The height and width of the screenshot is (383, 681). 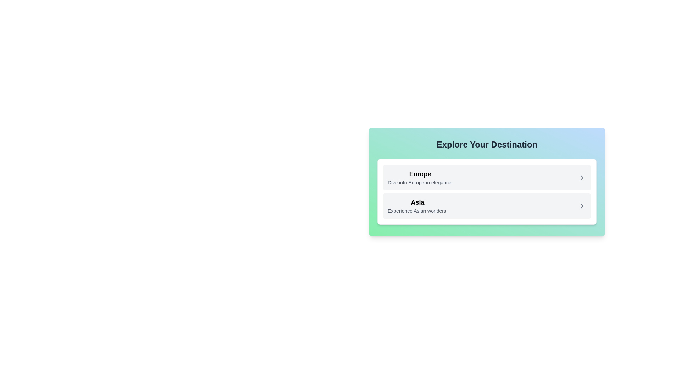 What do you see at coordinates (486, 206) in the screenshot?
I see `the second item in the interactive list option that navigates to Asian experiences, located below the item labeled 'Europe'` at bounding box center [486, 206].